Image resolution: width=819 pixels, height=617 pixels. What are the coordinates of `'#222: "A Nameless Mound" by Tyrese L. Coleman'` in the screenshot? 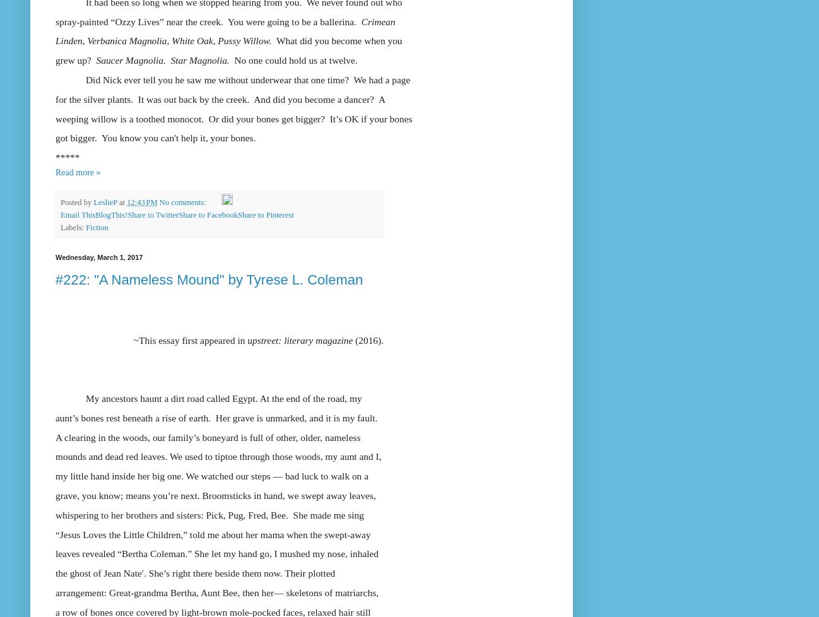 It's located at (209, 278).